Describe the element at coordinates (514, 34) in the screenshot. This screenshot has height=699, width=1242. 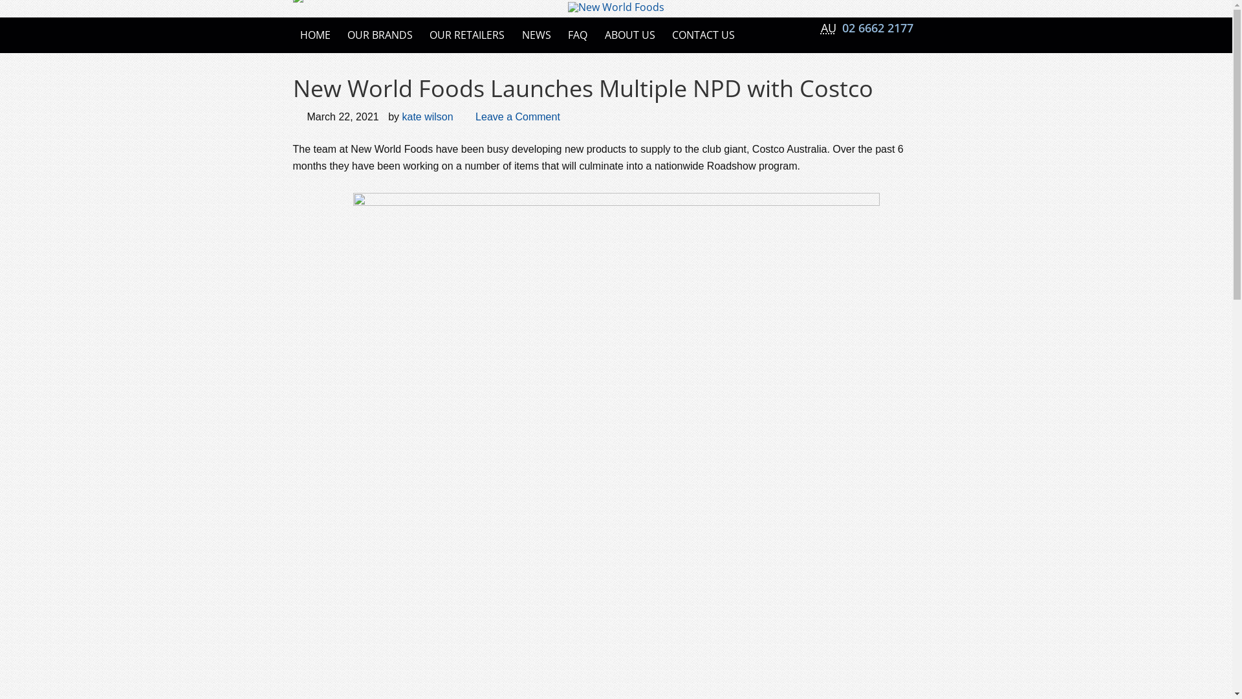
I see `'NEWS'` at that location.